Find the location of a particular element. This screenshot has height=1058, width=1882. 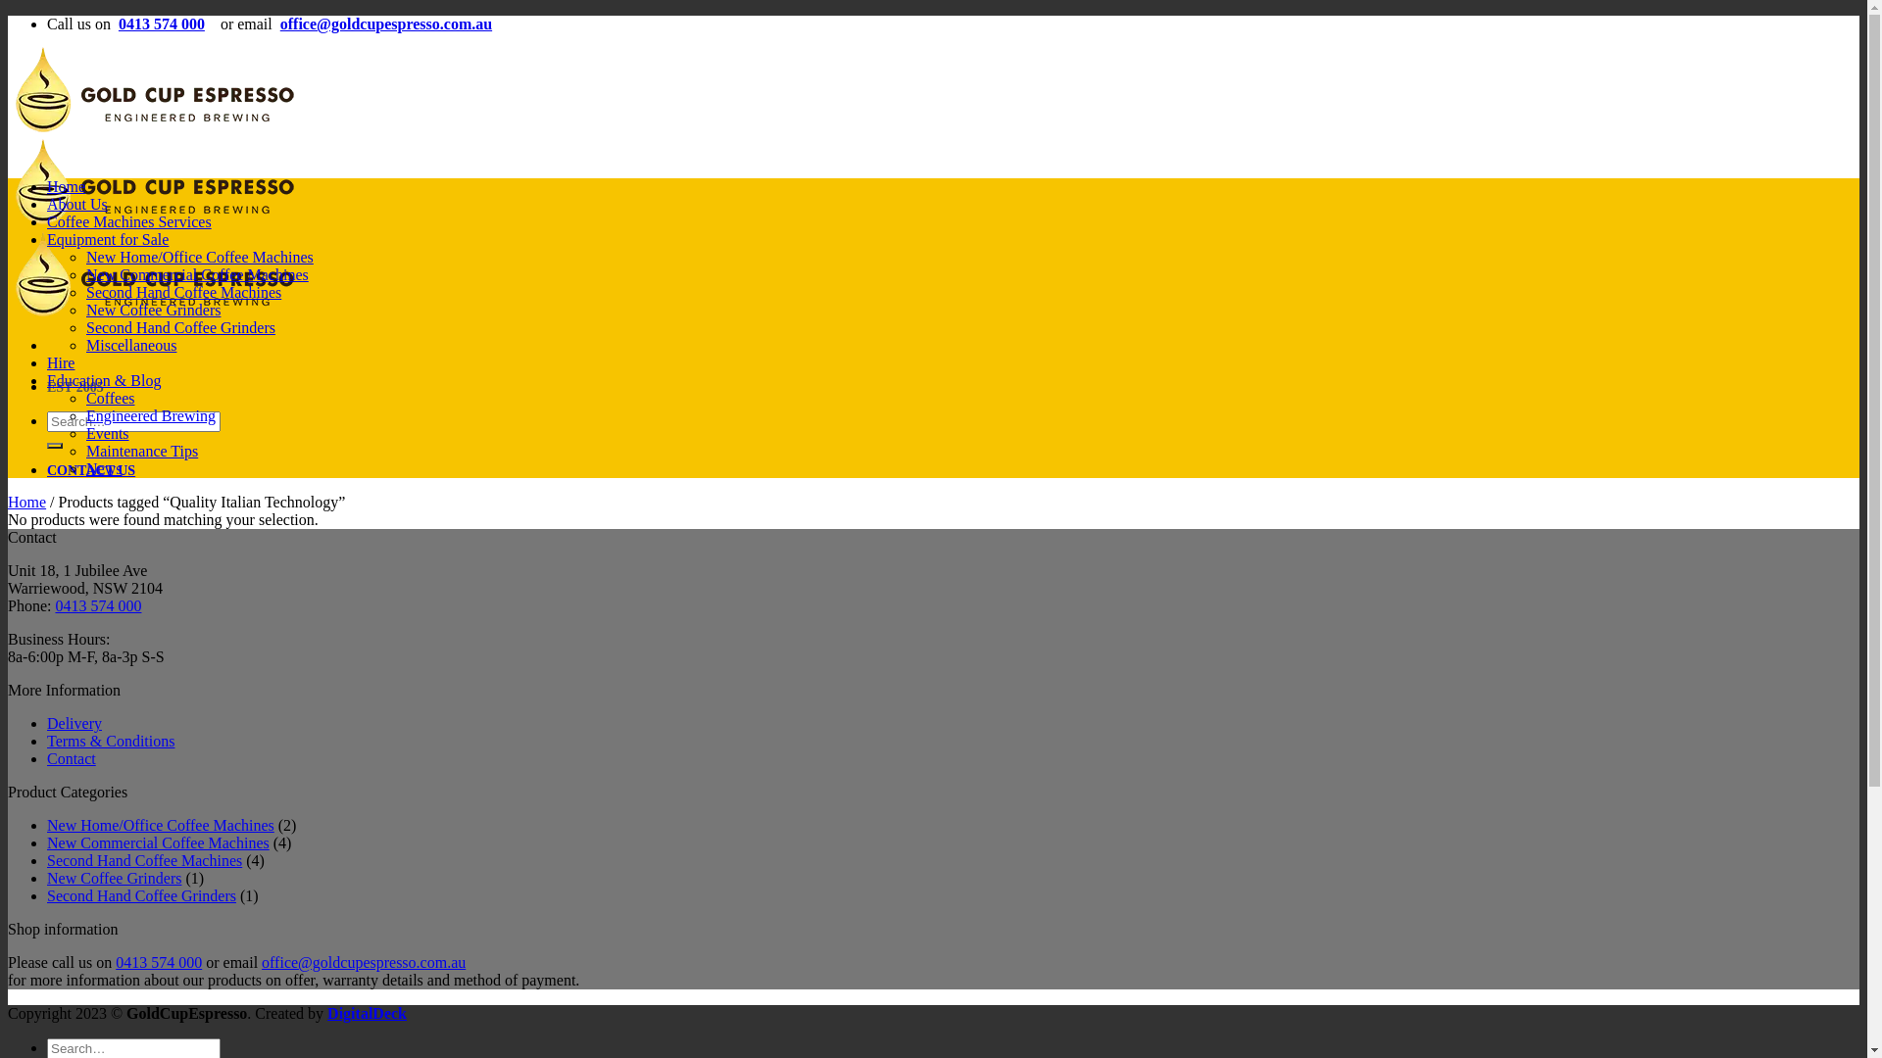

'Education & Blog' is located at coordinates (102, 380).